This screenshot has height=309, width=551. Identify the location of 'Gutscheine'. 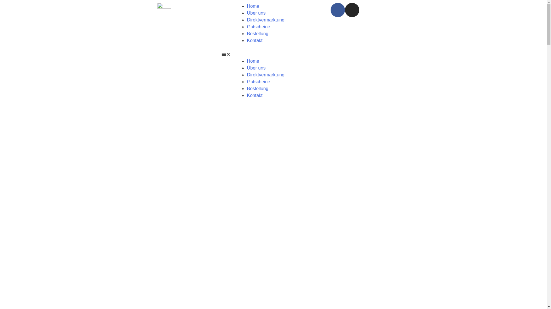
(258, 27).